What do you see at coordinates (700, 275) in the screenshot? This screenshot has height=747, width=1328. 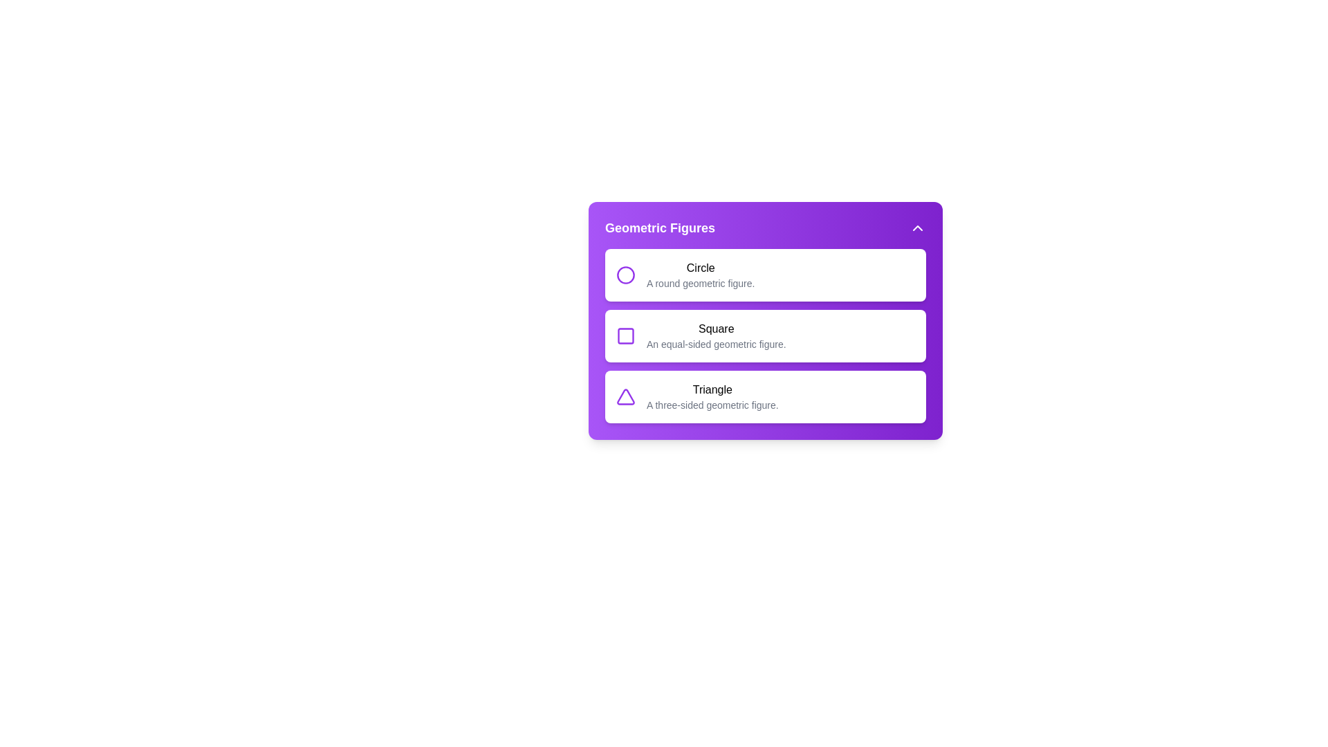 I see `the Circle item in the geometric menu` at bounding box center [700, 275].